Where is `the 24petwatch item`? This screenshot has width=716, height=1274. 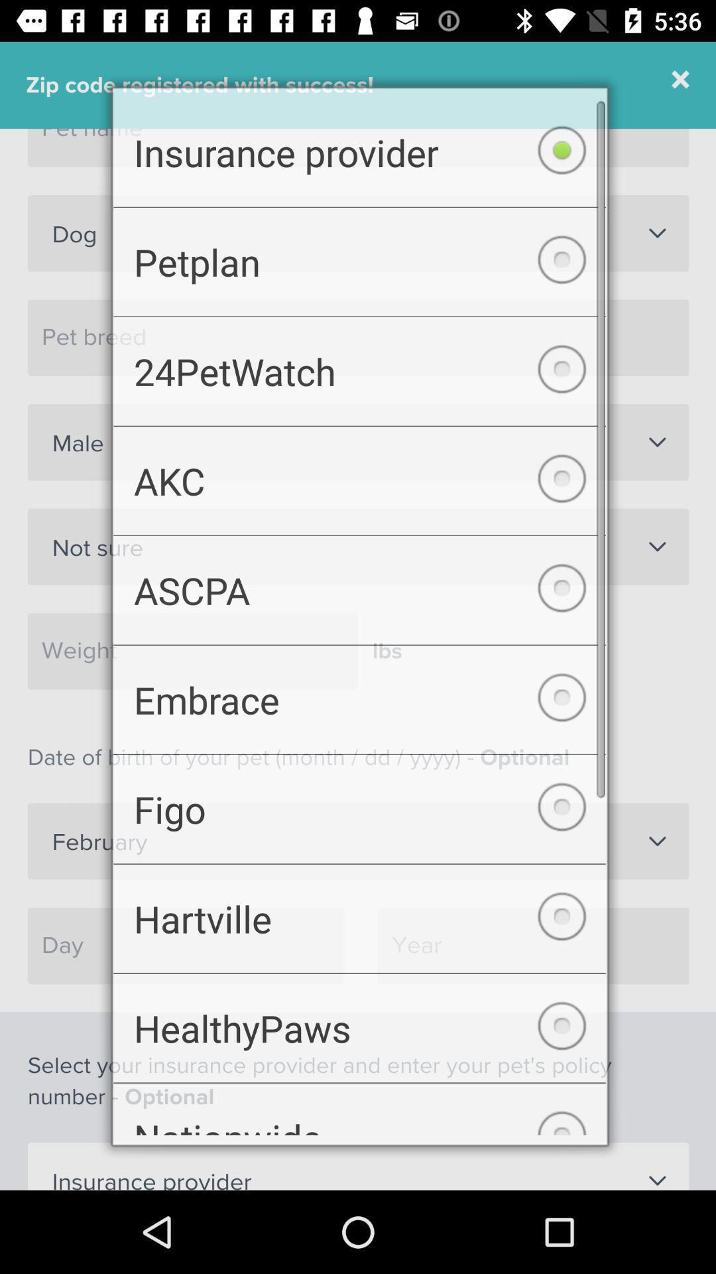
the 24petwatch item is located at coordinates (359, 364).